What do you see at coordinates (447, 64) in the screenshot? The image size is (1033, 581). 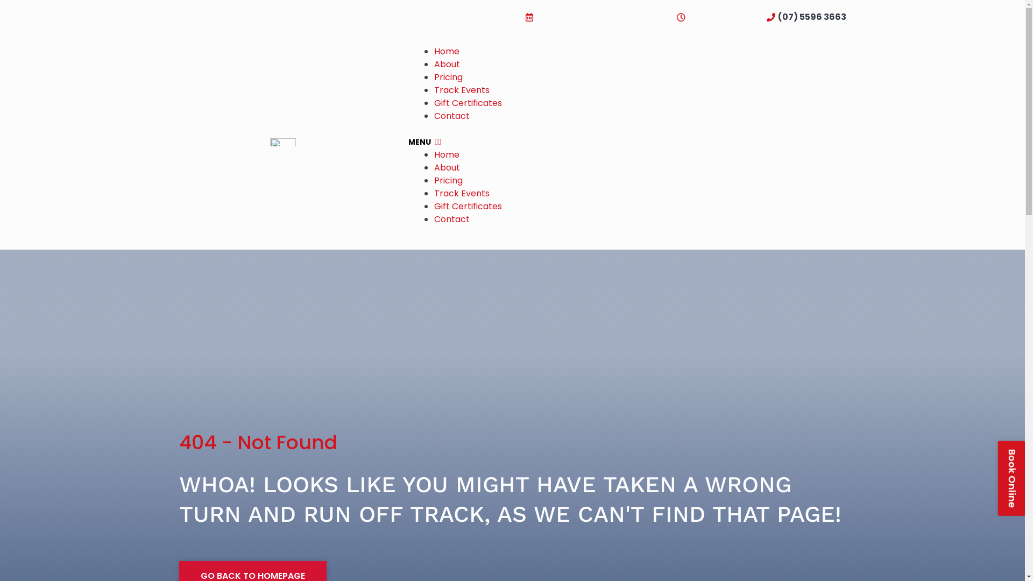 I see `'About'` at bounding box center [447, 64].